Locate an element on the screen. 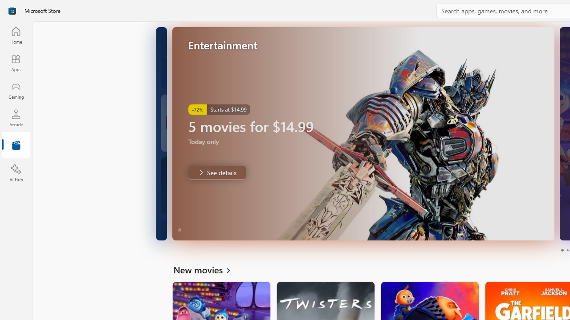  'Page 1' is located at coordinates (562, 250).